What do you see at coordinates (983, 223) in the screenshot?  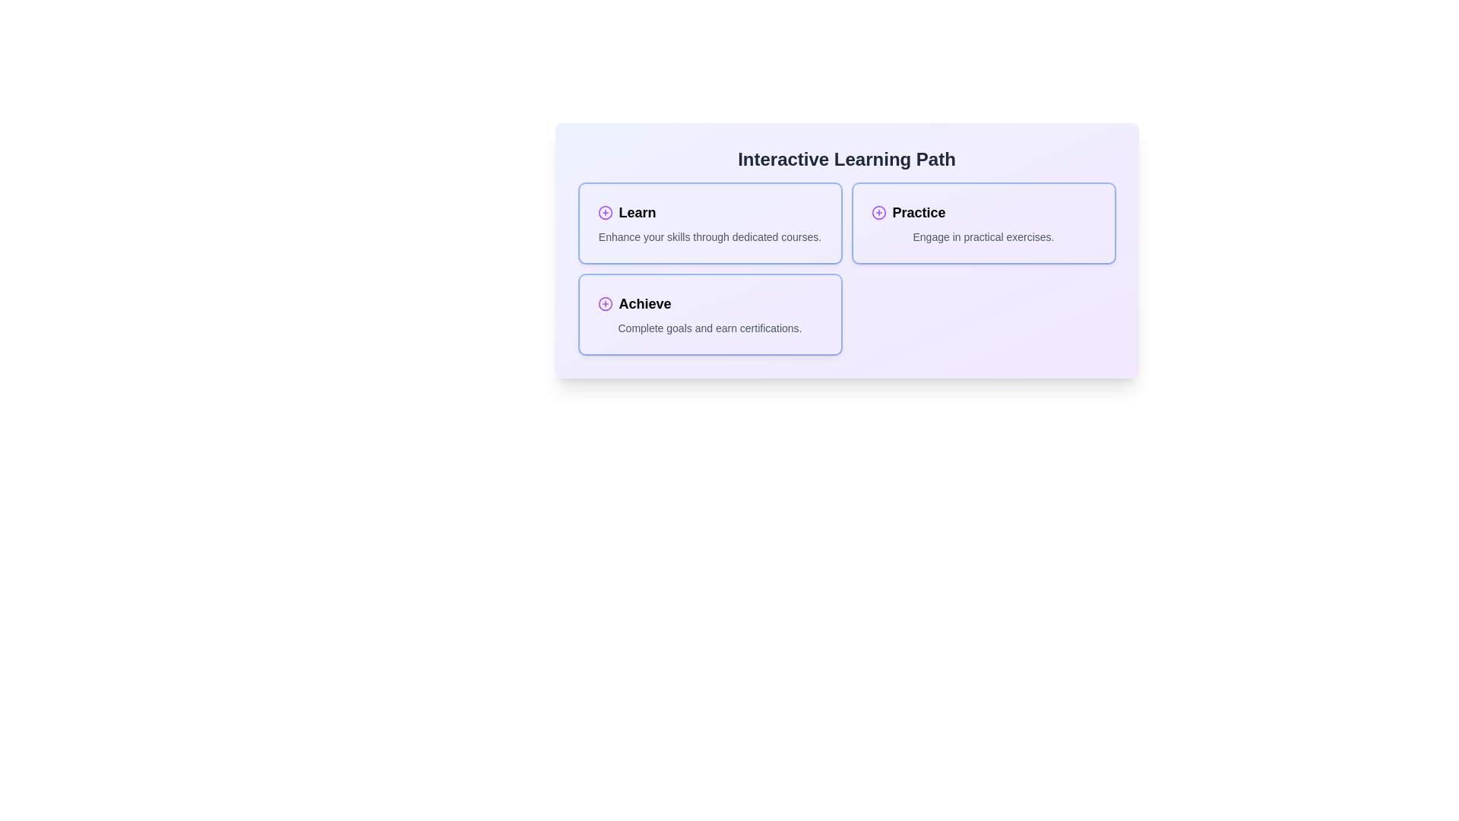 I see `the 'Practice' Card component located in the top-right of the grid layout` at bounding box center [983, 223].